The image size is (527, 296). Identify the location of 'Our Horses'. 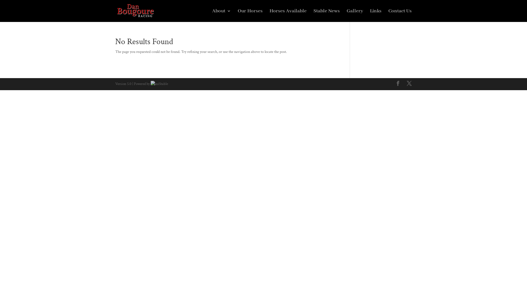
(250, 15).